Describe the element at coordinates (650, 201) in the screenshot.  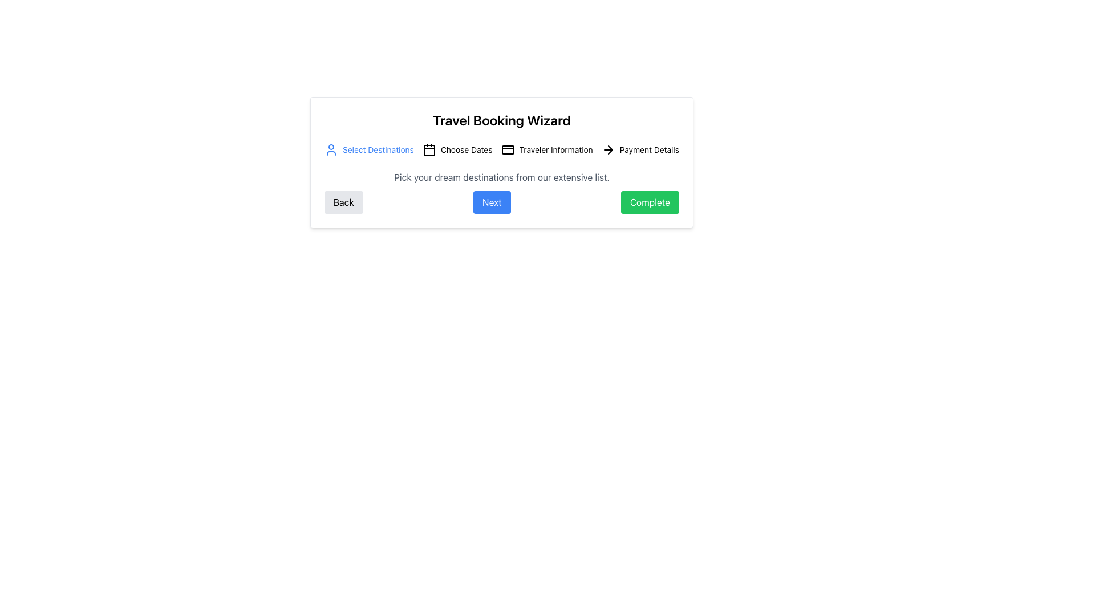
I see `the green button labeled 'Complete' located at the bottom of the 'Travel Booking Wizard' section to finalize the process` at that location.